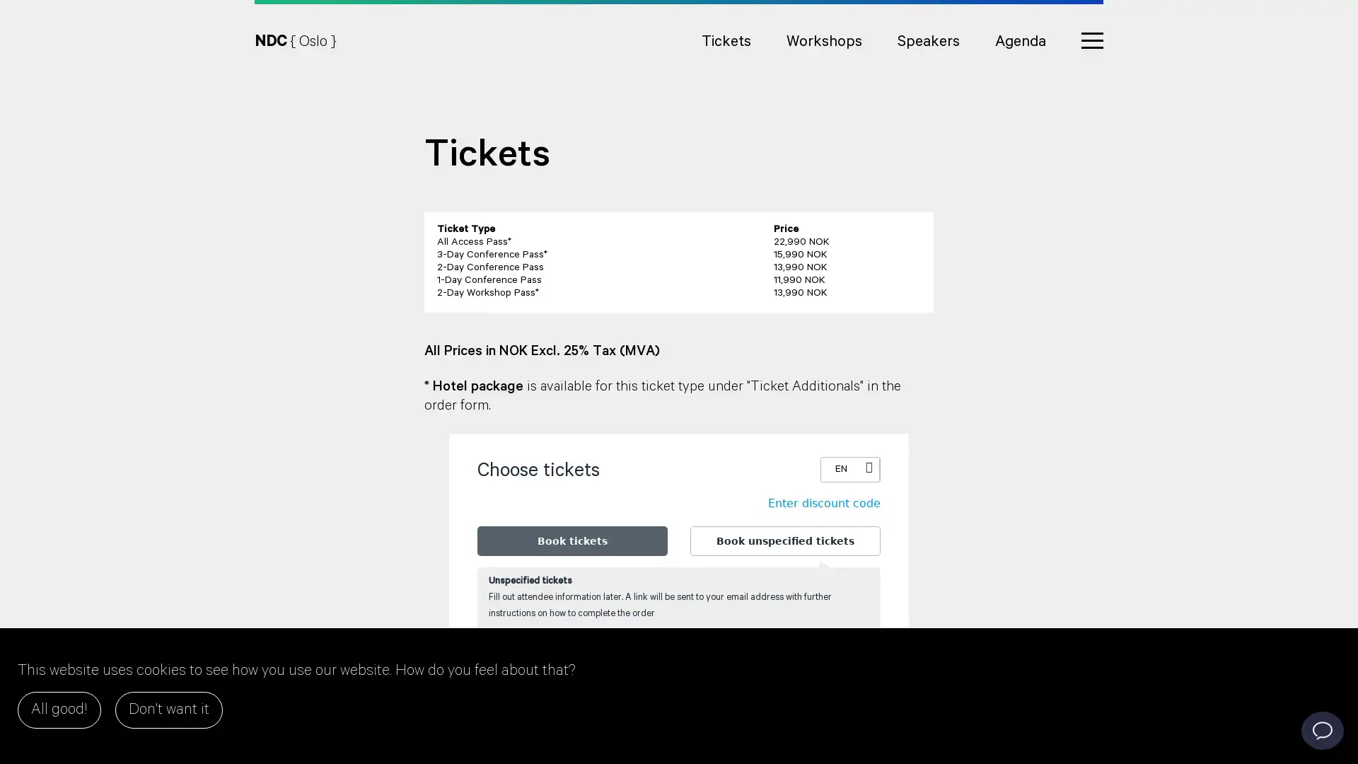 This screenshot has width=1358, height=764. What do you see at coordinates (808, 678) in the screenshot?
I see `Remove one ticket` at bounding box center [808, 678].